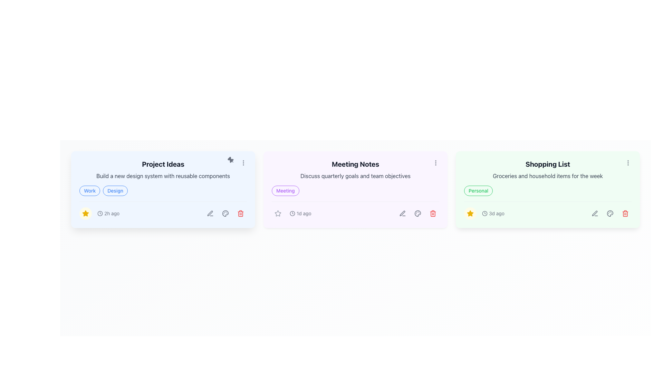 The height and width of the screenshot is (372, 663). I want to click on the star-shaped icon button with a hollow center located in the second task card titled 'Meeting Notes', so click(278, 213).